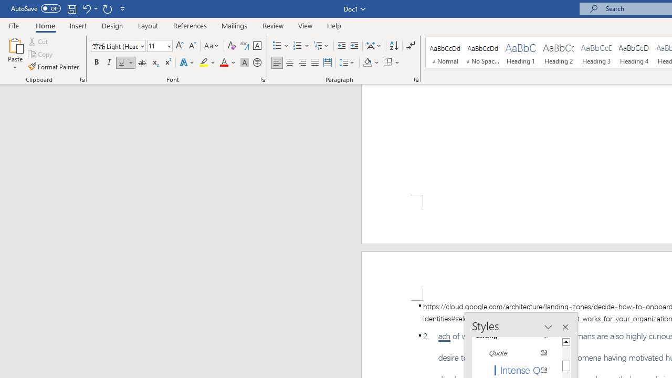 Image resolution: width=672 pixels, height=378 pixels. I want to click on 'Enclose Characters...', so click(257, 62).